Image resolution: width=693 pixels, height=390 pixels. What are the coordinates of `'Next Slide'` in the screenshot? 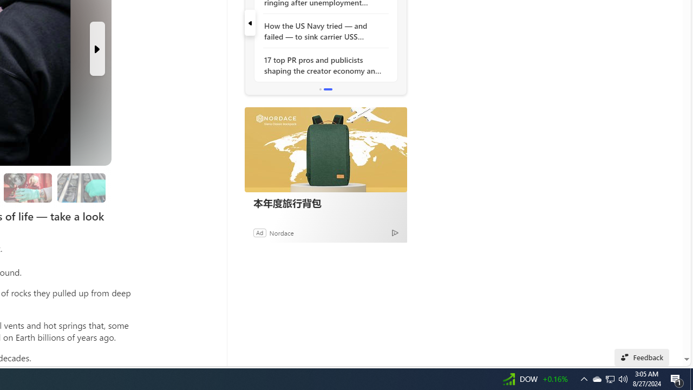 It's located at (97, 49).